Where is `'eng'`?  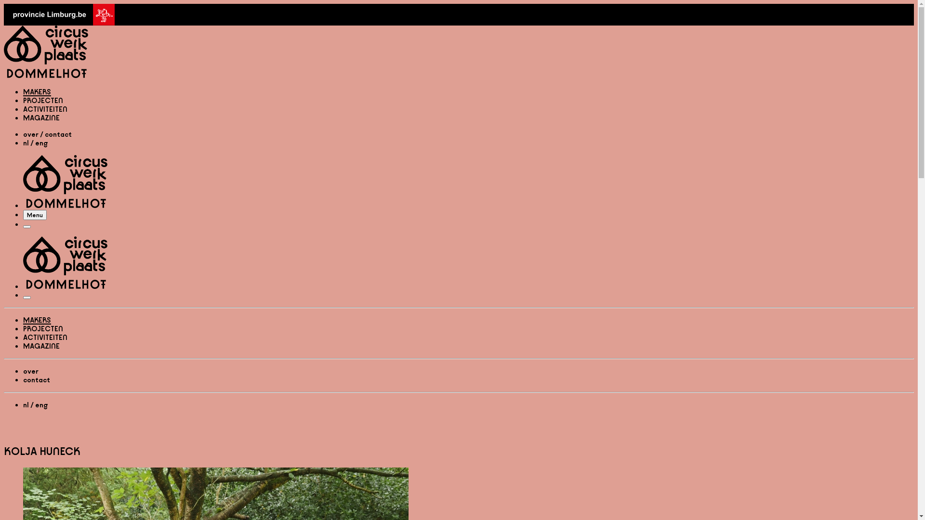 'eng' is located at coordinates (41, 143).